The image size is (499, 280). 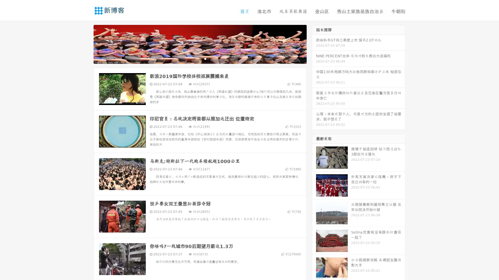 What do you see at coordinates (86, 44) in the screenshot?
I see `Previous slide` at bounding box center [86, 44].